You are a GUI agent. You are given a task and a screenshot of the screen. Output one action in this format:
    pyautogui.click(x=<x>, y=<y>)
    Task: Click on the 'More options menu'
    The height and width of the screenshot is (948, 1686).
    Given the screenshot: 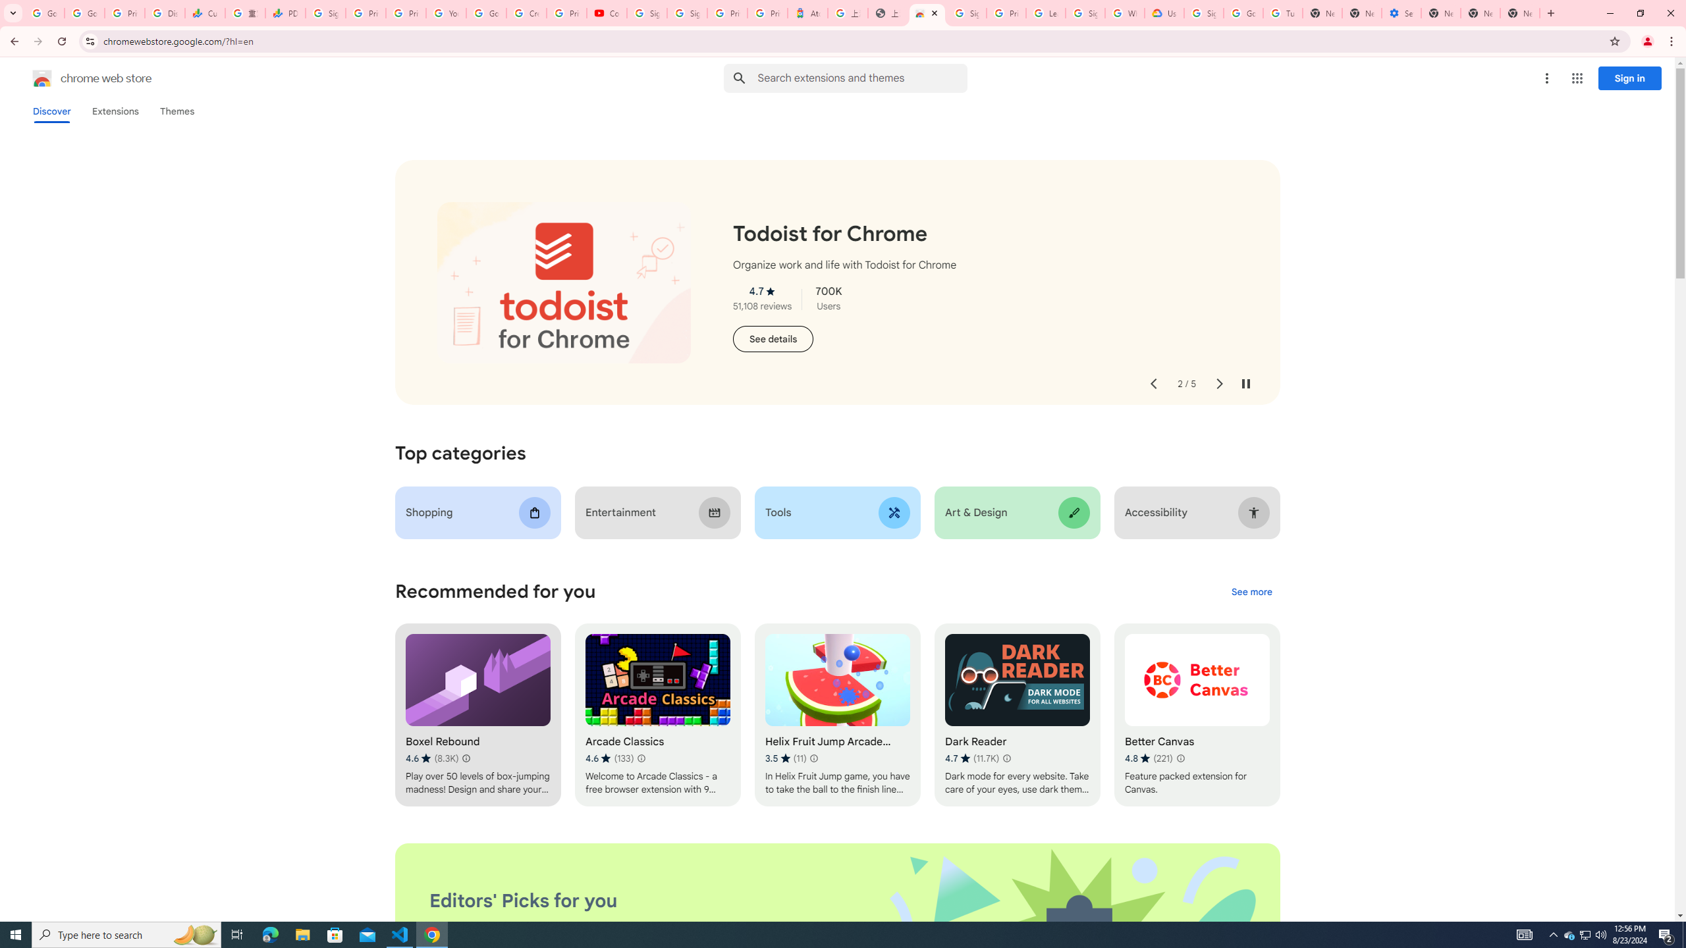 What is the action you would take?
    pyautogui.click(x=1546, y=78)
    